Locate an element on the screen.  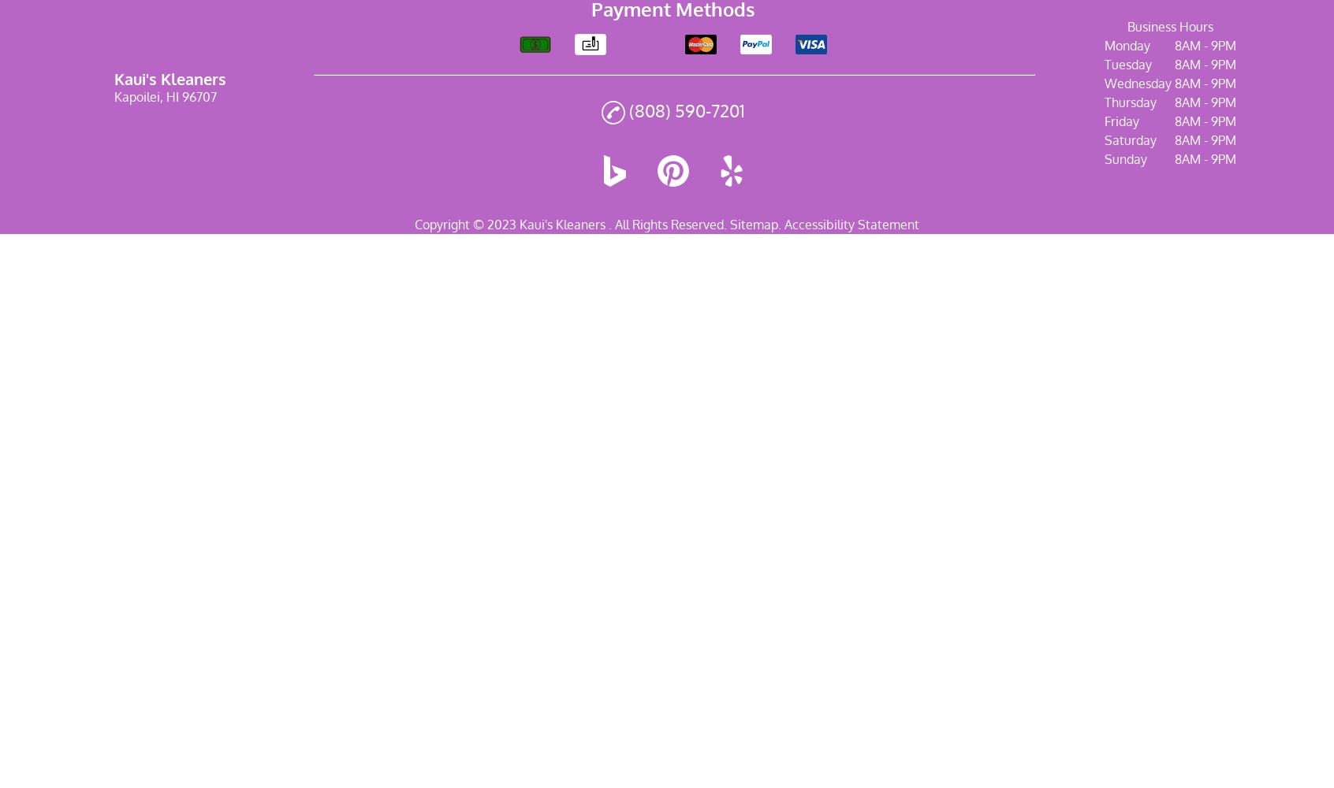
'Tuesday' is located at coordinates (1127, 64).